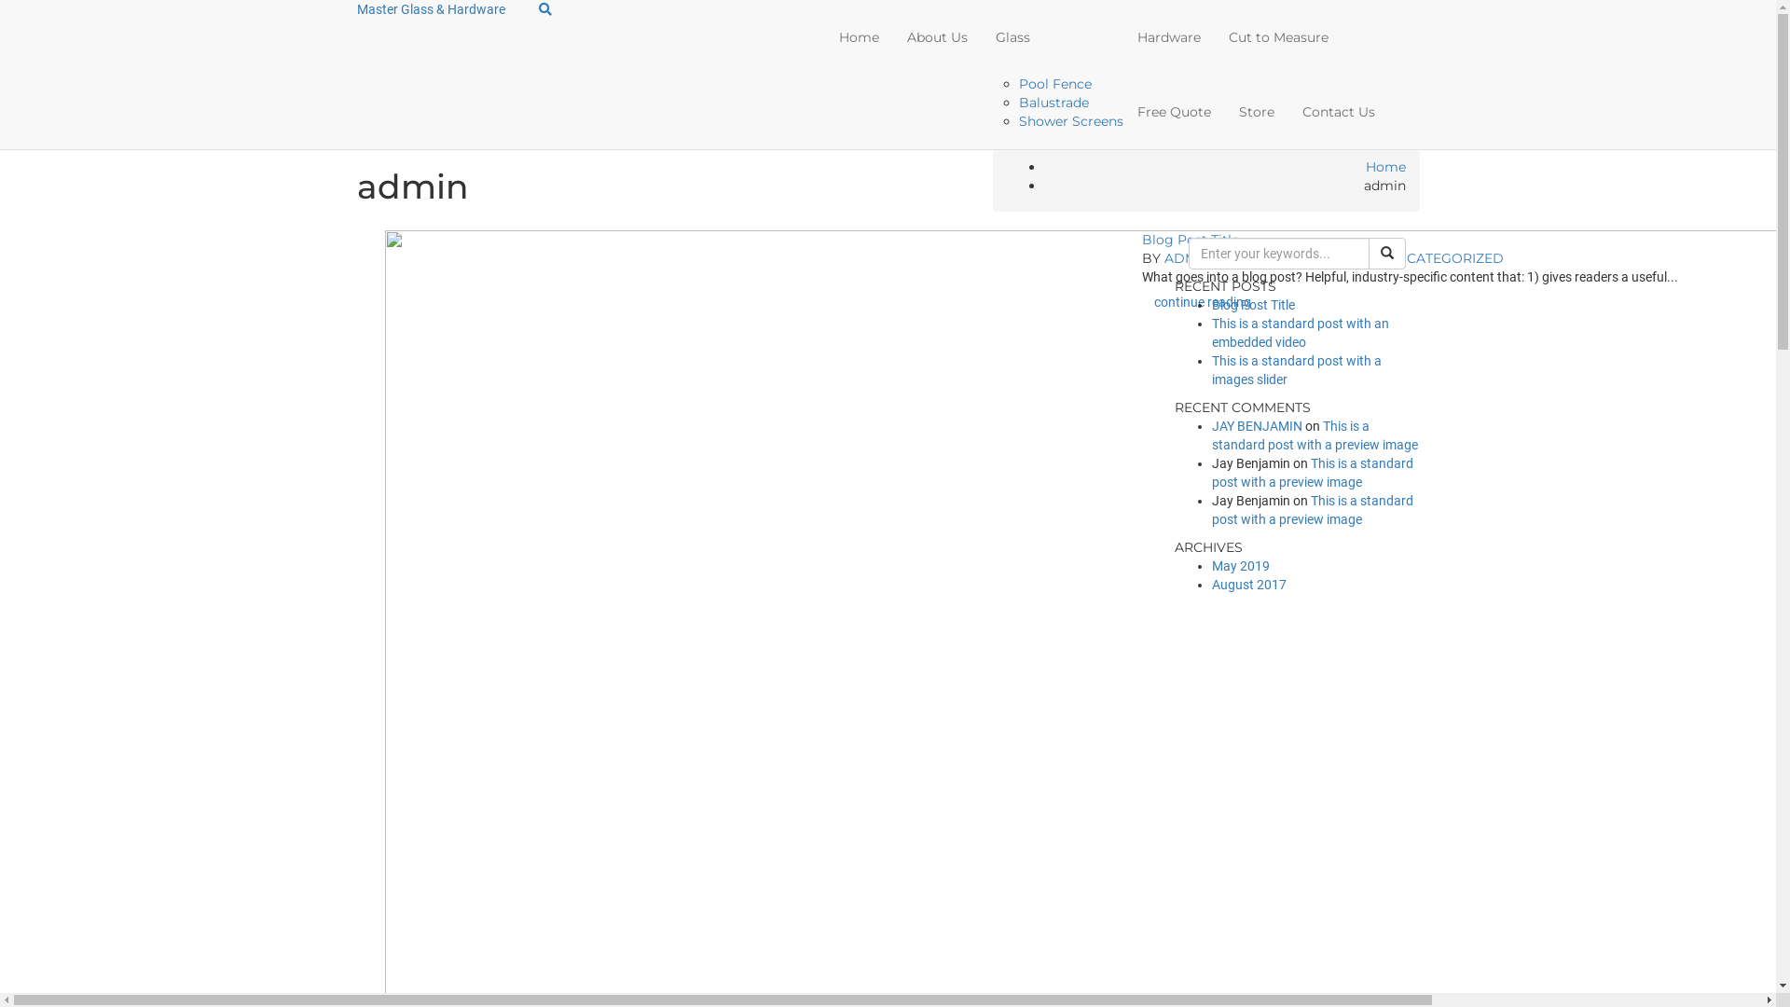 Image resolution: width=1790 pixels, height=1007 pixels. I want to click on 'Glass', so click(1052, 36).